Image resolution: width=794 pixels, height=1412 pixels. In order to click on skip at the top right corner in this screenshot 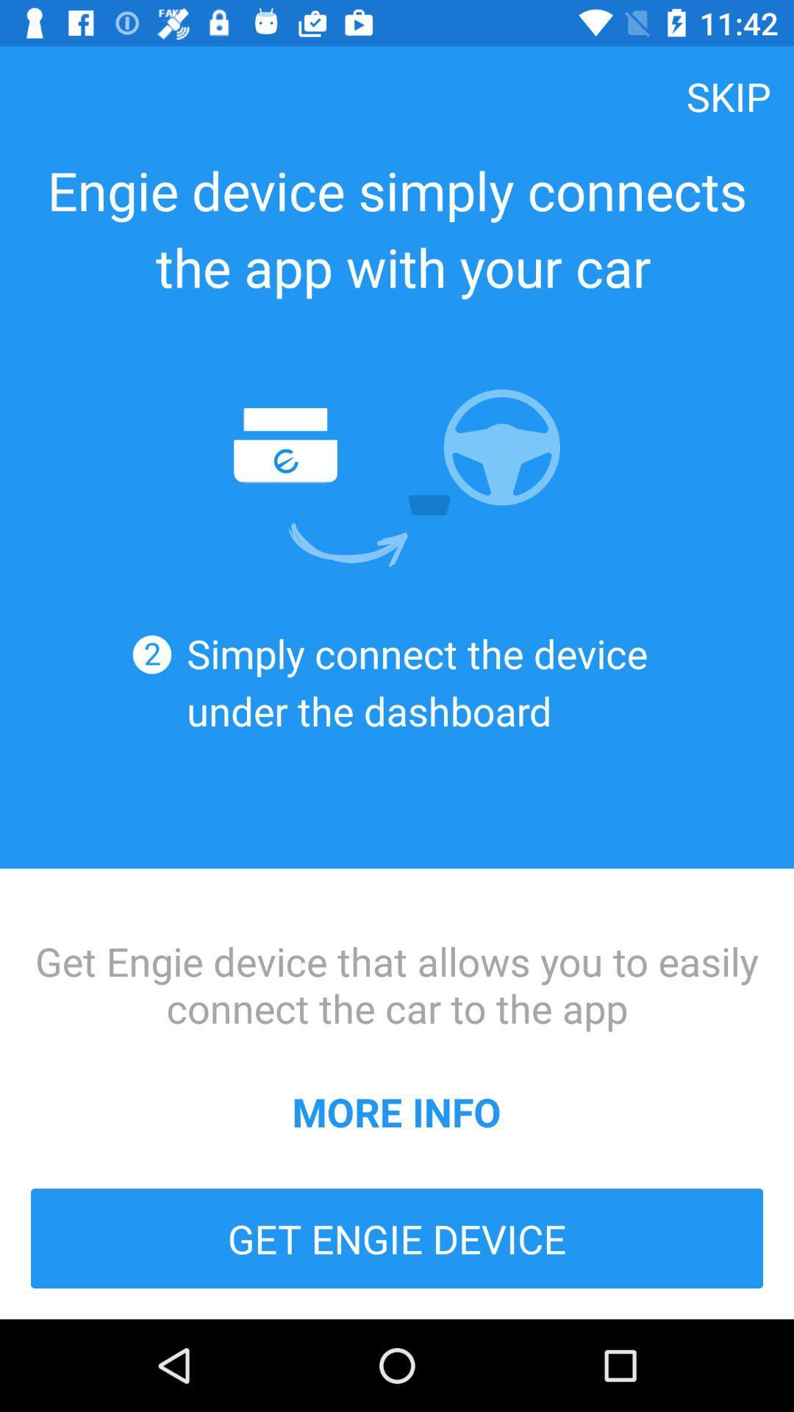, I will do `click(729, 95)`.